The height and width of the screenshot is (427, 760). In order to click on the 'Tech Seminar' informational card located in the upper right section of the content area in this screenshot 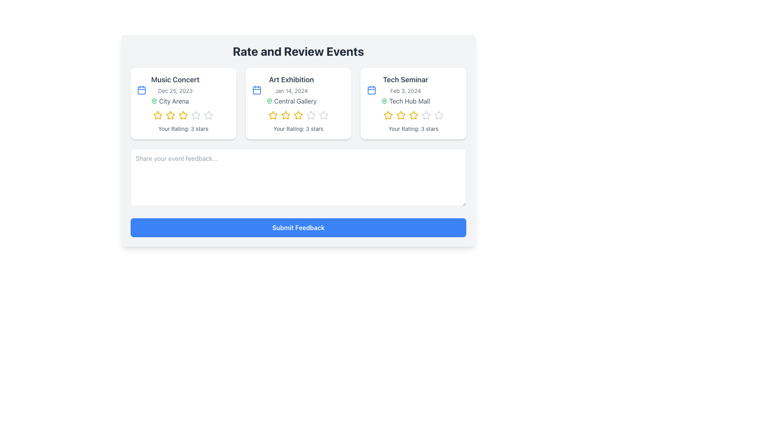, I will do `click(405, 89)`.